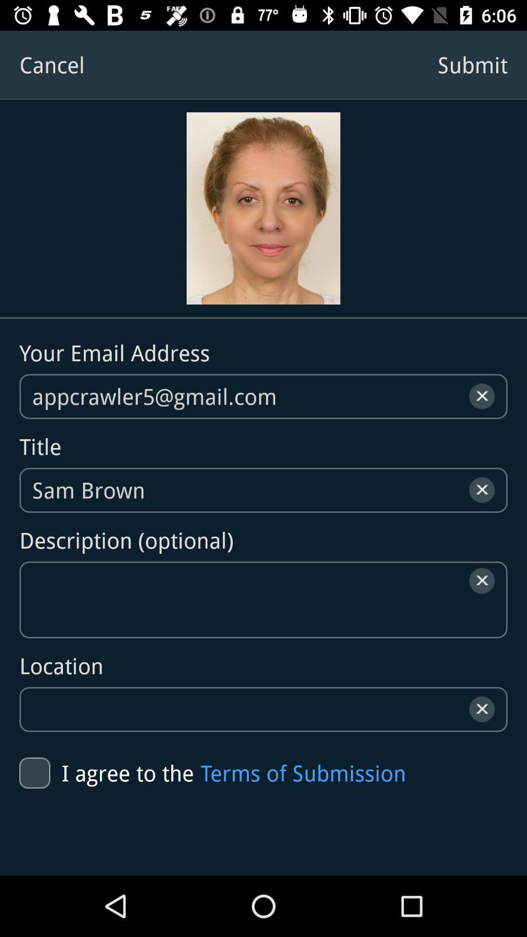 The image size is (527, 937). I want to click on the close icon, so click(481, 396).